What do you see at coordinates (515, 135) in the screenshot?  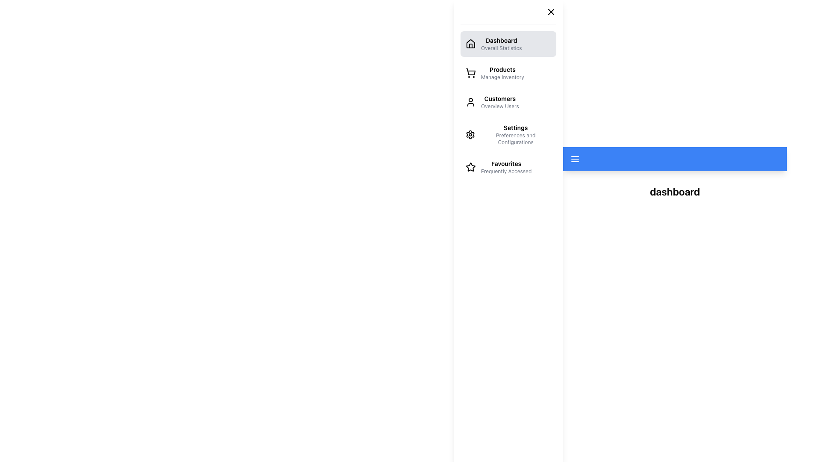 I see `text label indicating the 'Settings' section, which is the fourth entry in the vertical menu on the left side of the interface` at bounding box center [515, 135].